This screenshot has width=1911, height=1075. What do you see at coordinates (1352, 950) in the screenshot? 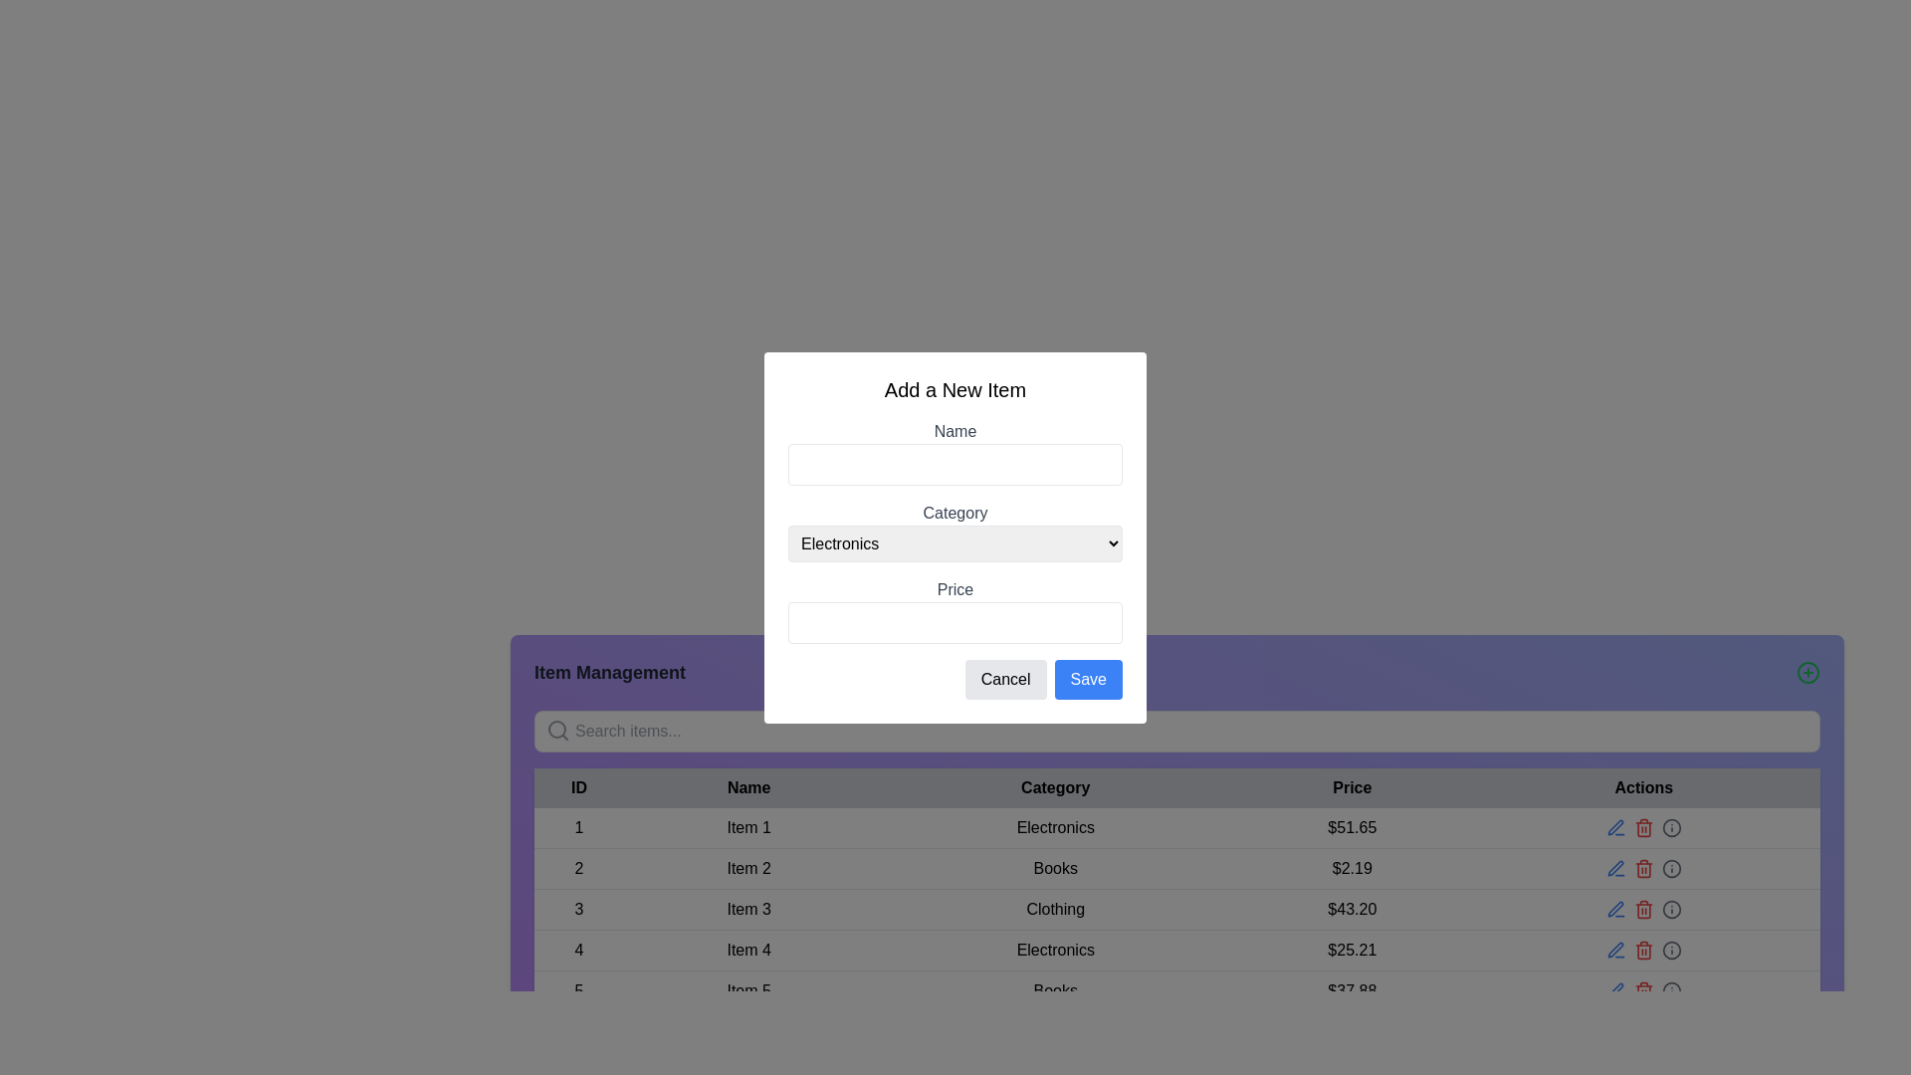
I see `the text displaying the price value located` at bounding box center [1352, 950].